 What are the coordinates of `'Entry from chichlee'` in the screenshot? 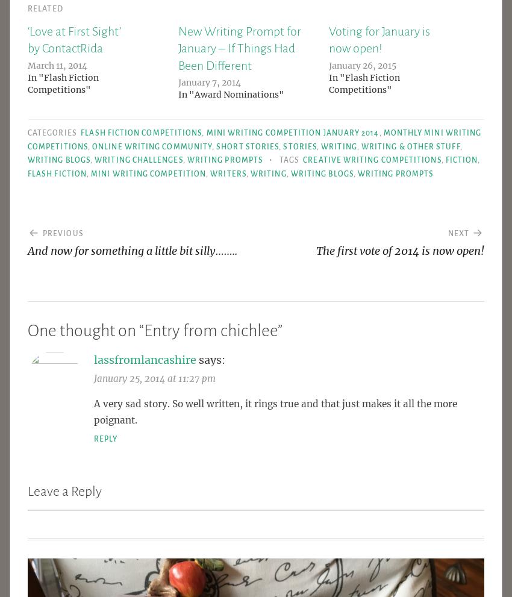 It's located at (210, 330).